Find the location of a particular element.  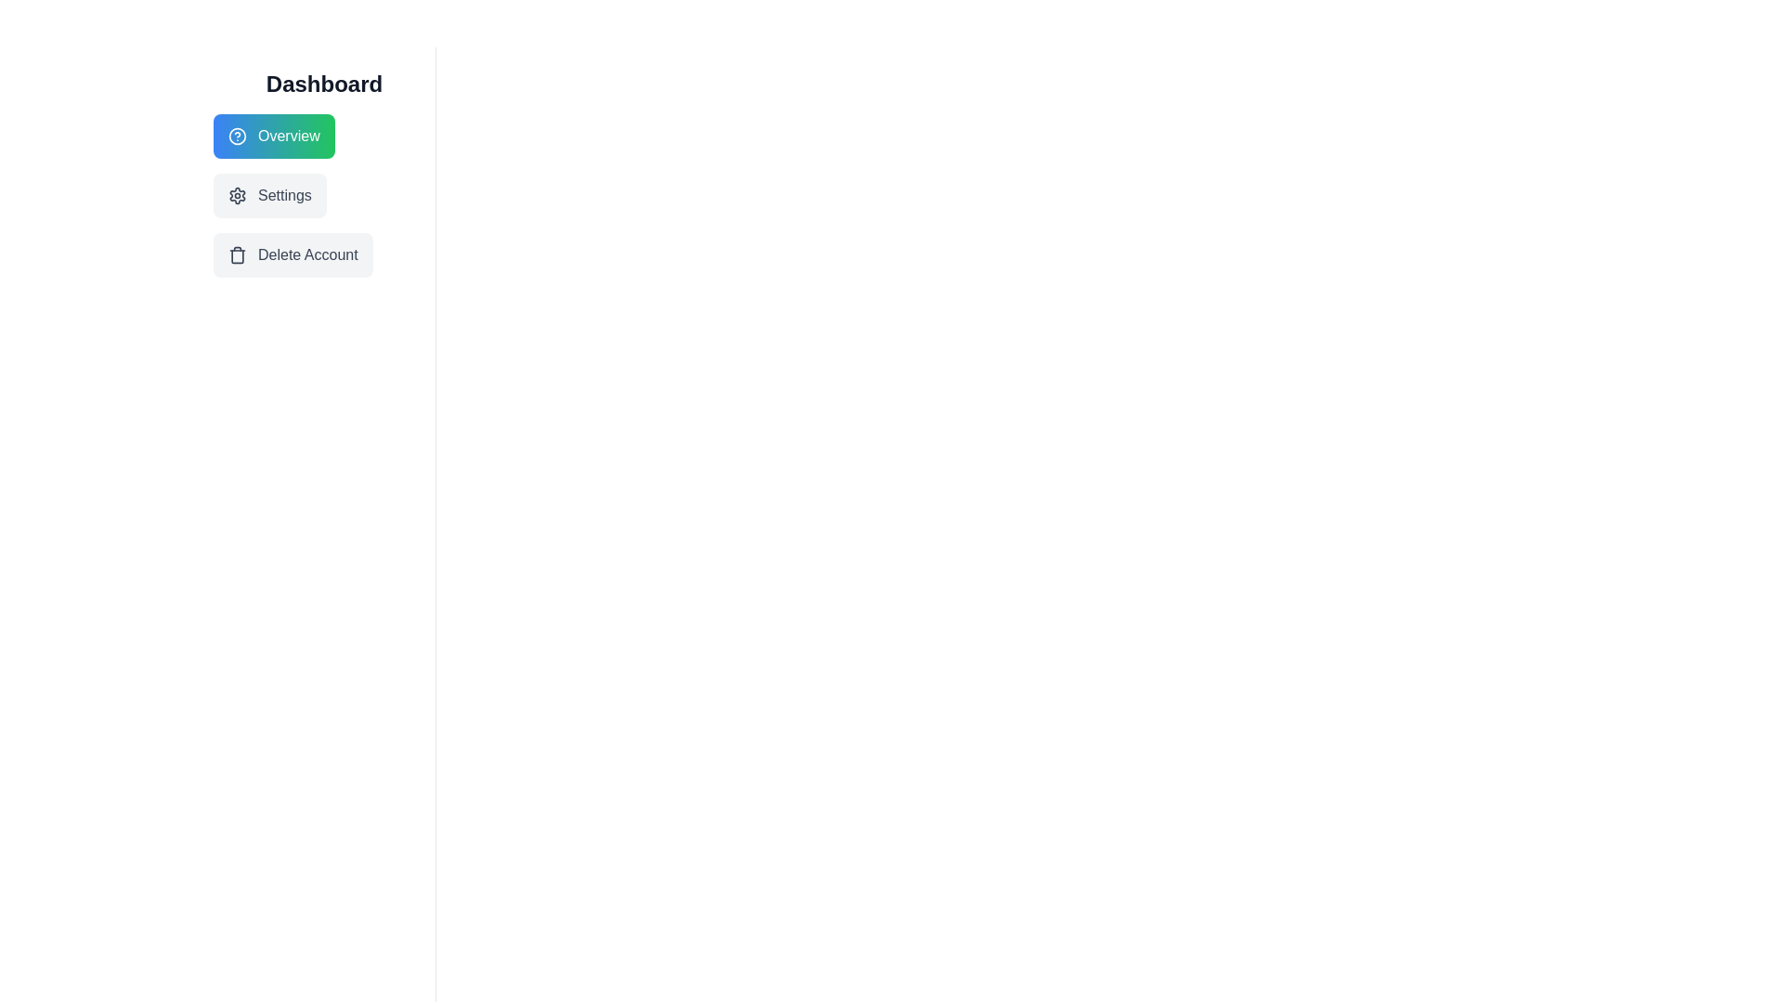

the trash bin icon located to the left of the 'Delete Account' text in the vertical navigation menu is located at coordinates (236, 254).